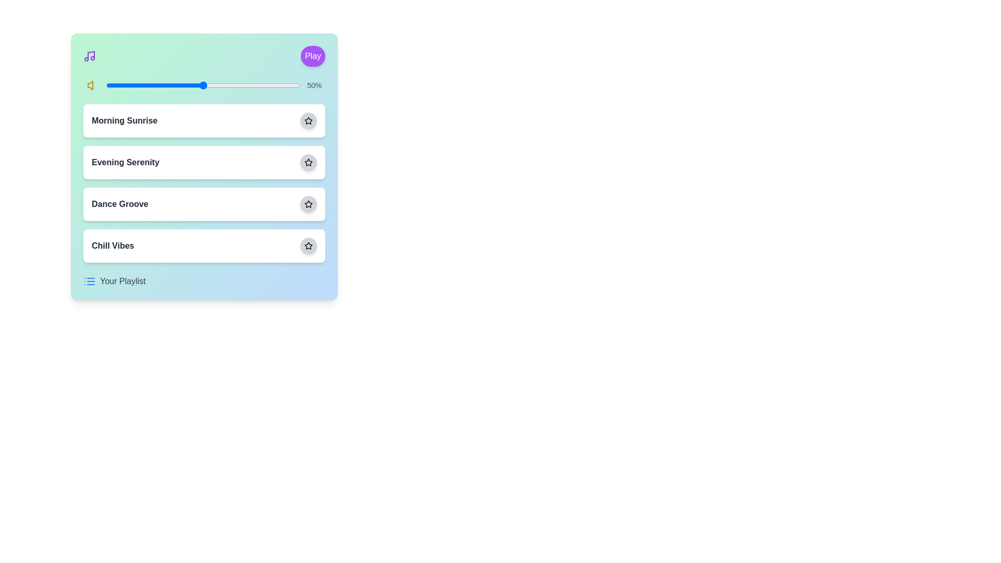 This screenshot has width=1001, height=563. I want to click on the text label displaying the title 'Dance Groove', which is the third item in a vertical list of song titles inside a rounded card, so click(120, 204).